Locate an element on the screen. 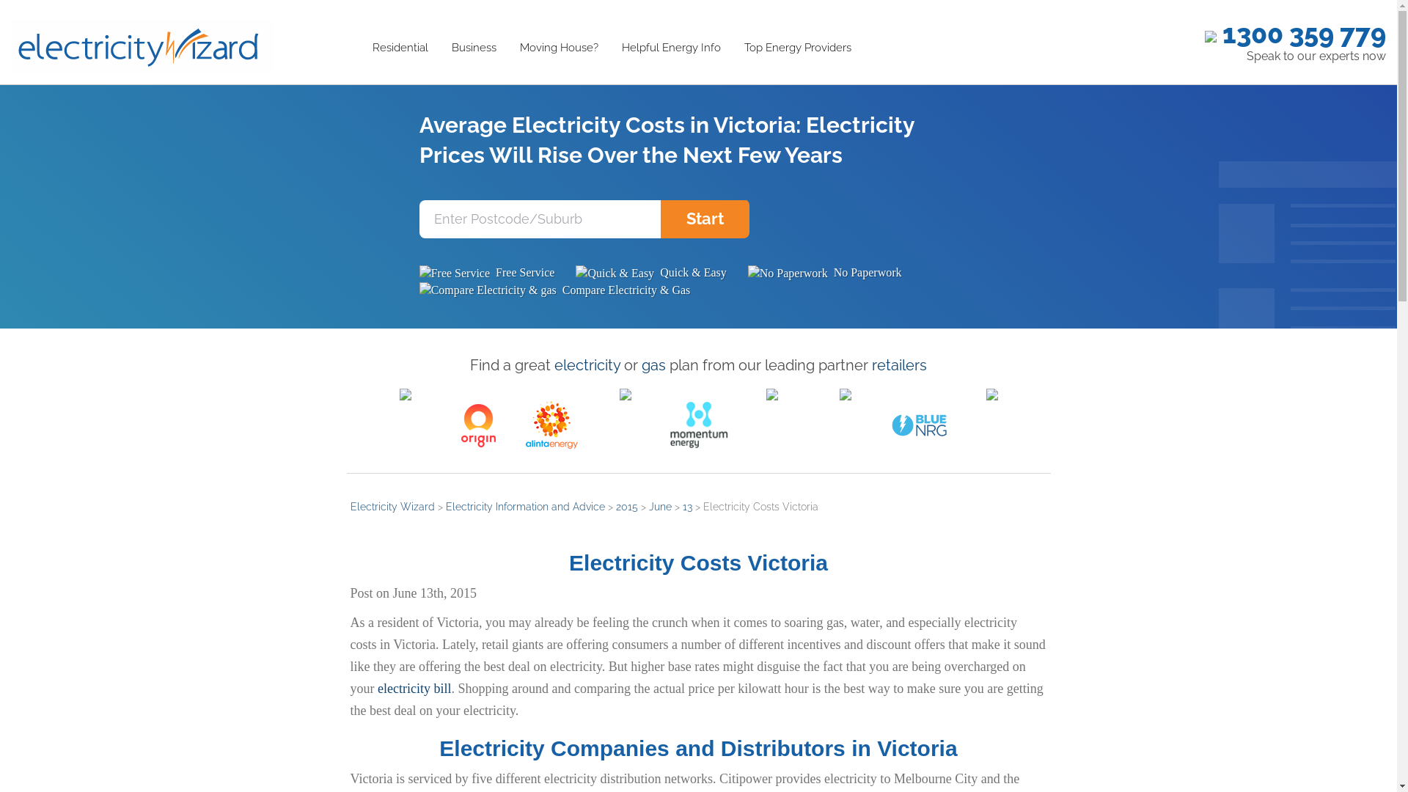 The width and height of the screenshot is (1408, 792). 'retailers' is located at coordinates (898, 364).